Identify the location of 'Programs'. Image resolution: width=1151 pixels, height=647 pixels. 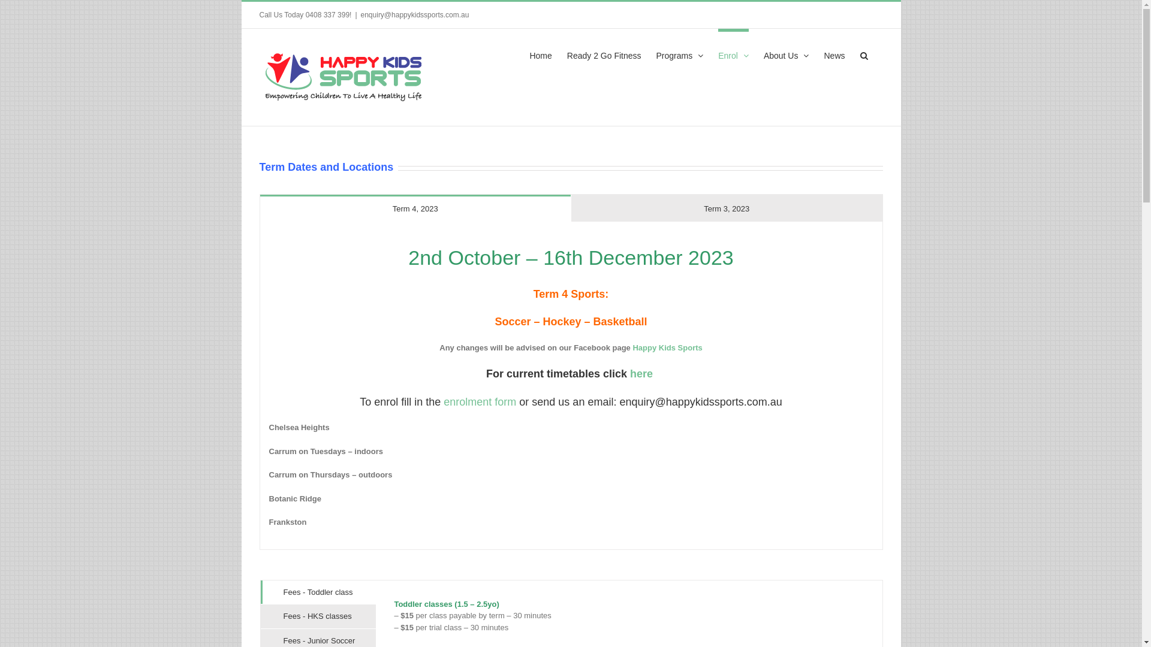
(680, 53).